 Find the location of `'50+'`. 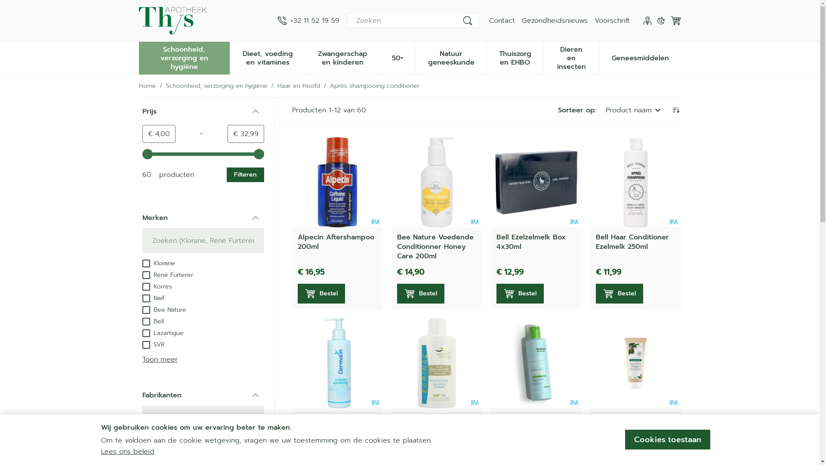

'50+' is located at coordinates (379, 57).